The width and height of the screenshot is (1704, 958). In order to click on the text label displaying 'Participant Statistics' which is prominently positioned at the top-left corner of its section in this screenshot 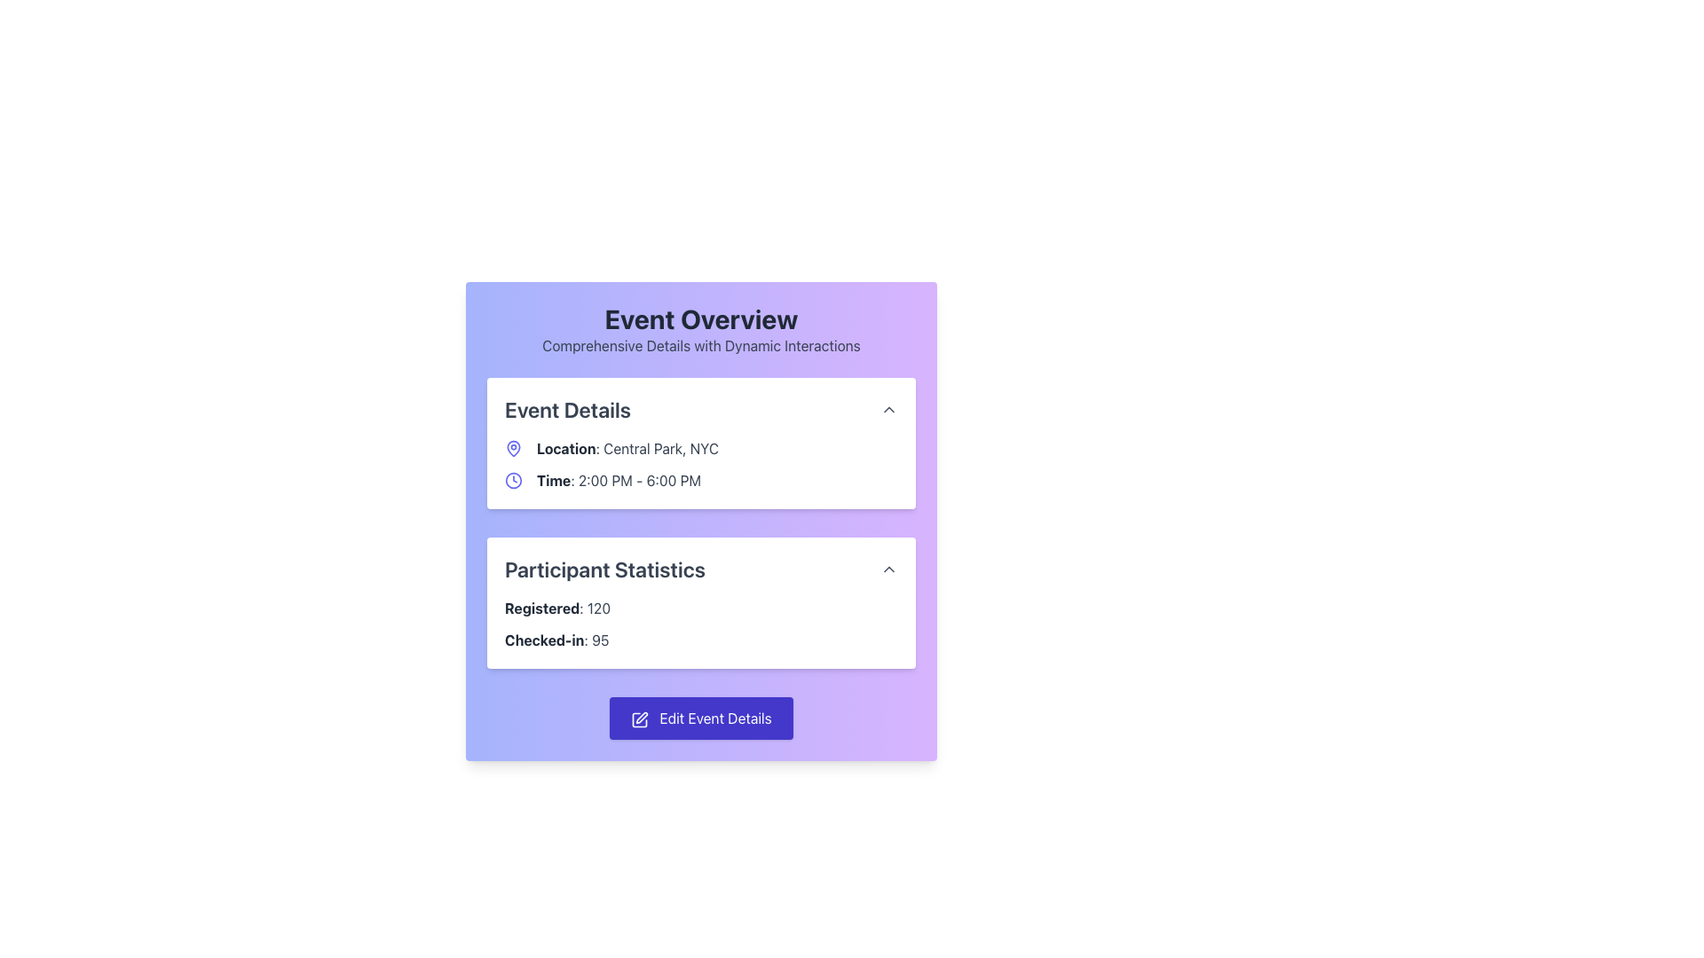, I will do `click(604, 569)`.